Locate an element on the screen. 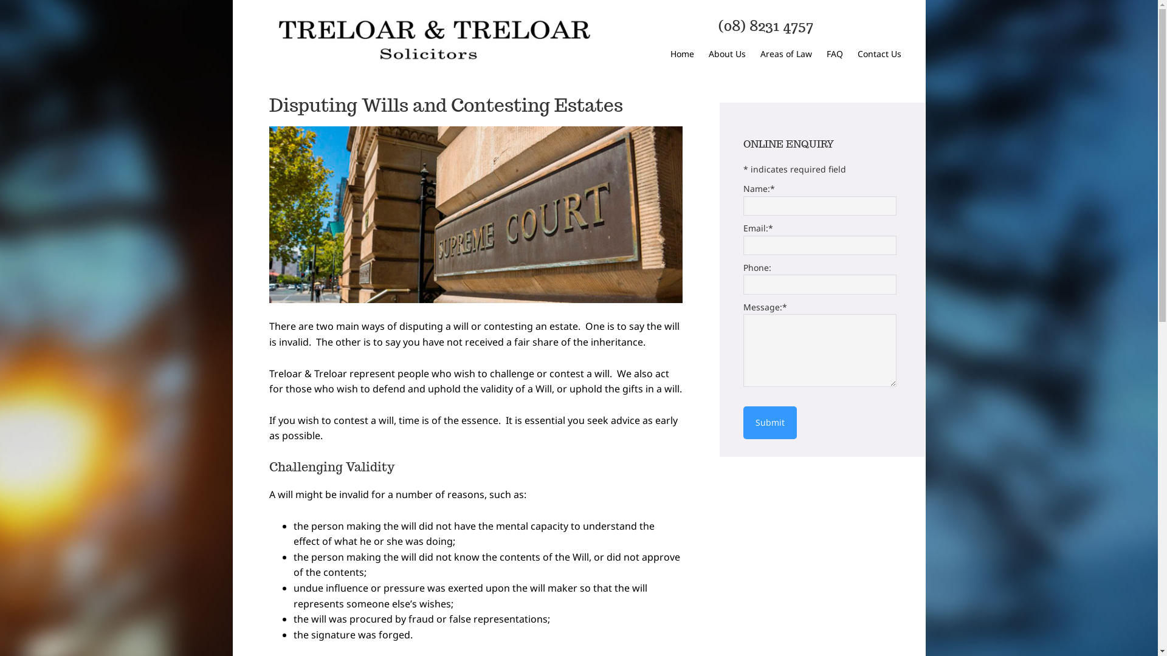 This screenshot has width=1167, height=656. 'Skip to main content' is located at coordinates (232, 0).